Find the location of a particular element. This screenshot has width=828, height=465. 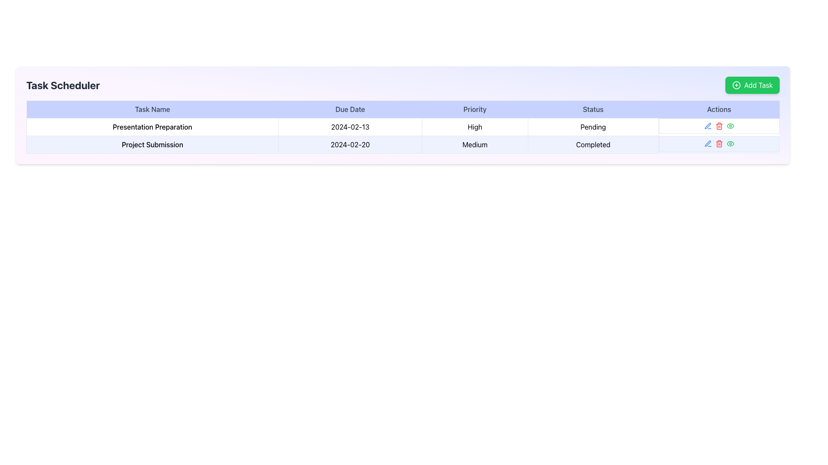

the non-interactive priority level label in the first row of the table, located in the 'Priority' column, which is between the 'Due Date' and 'Status' columns is located at coordinates (474, 127).